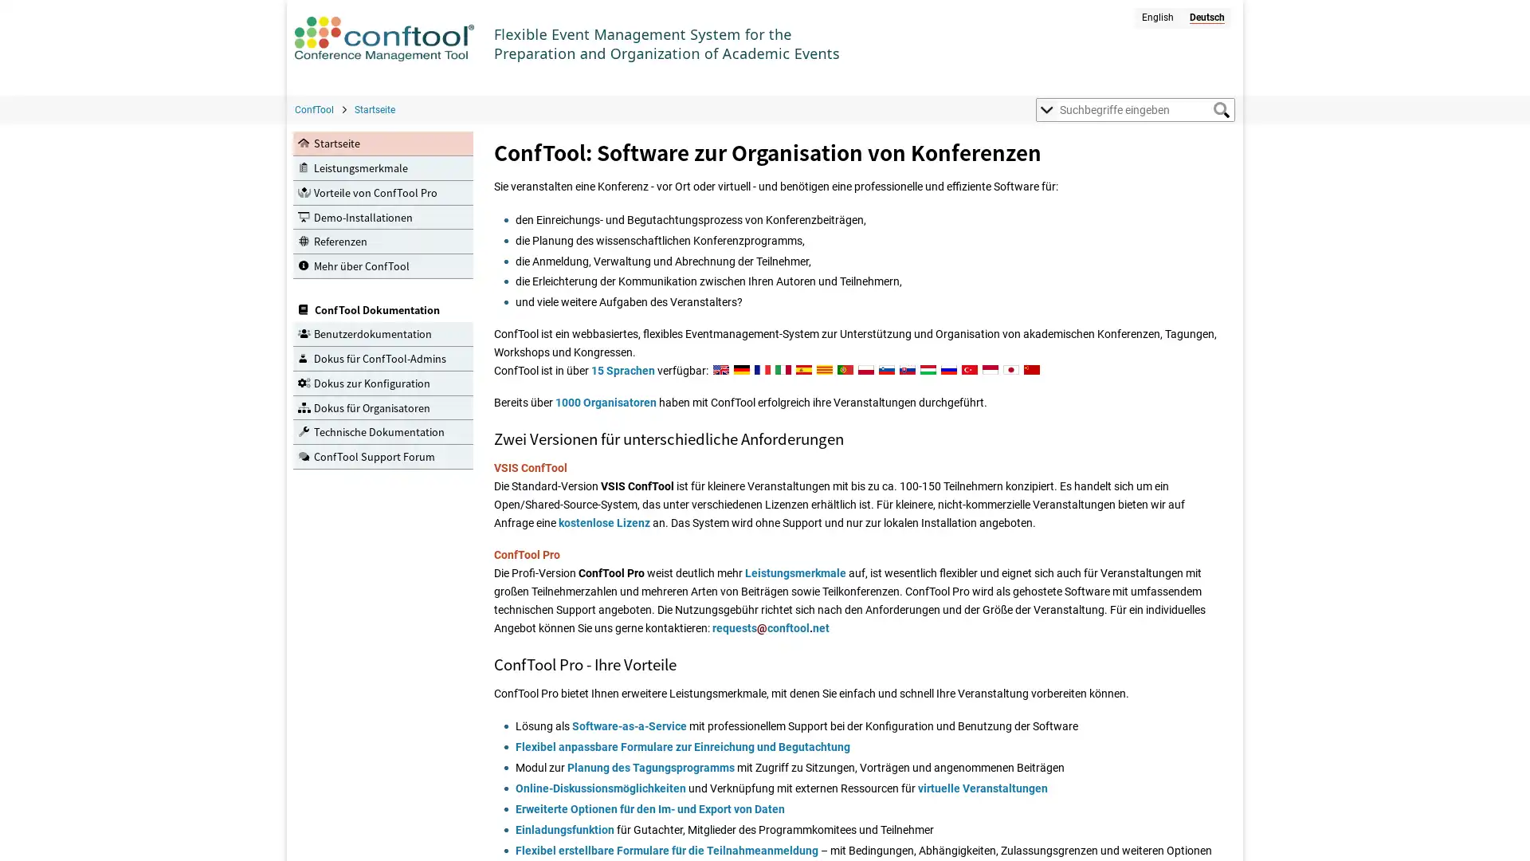  What do you see at coordinates (1220, 109) in the screenshot?
I see `Suche` at bounding box center [1220, 109].